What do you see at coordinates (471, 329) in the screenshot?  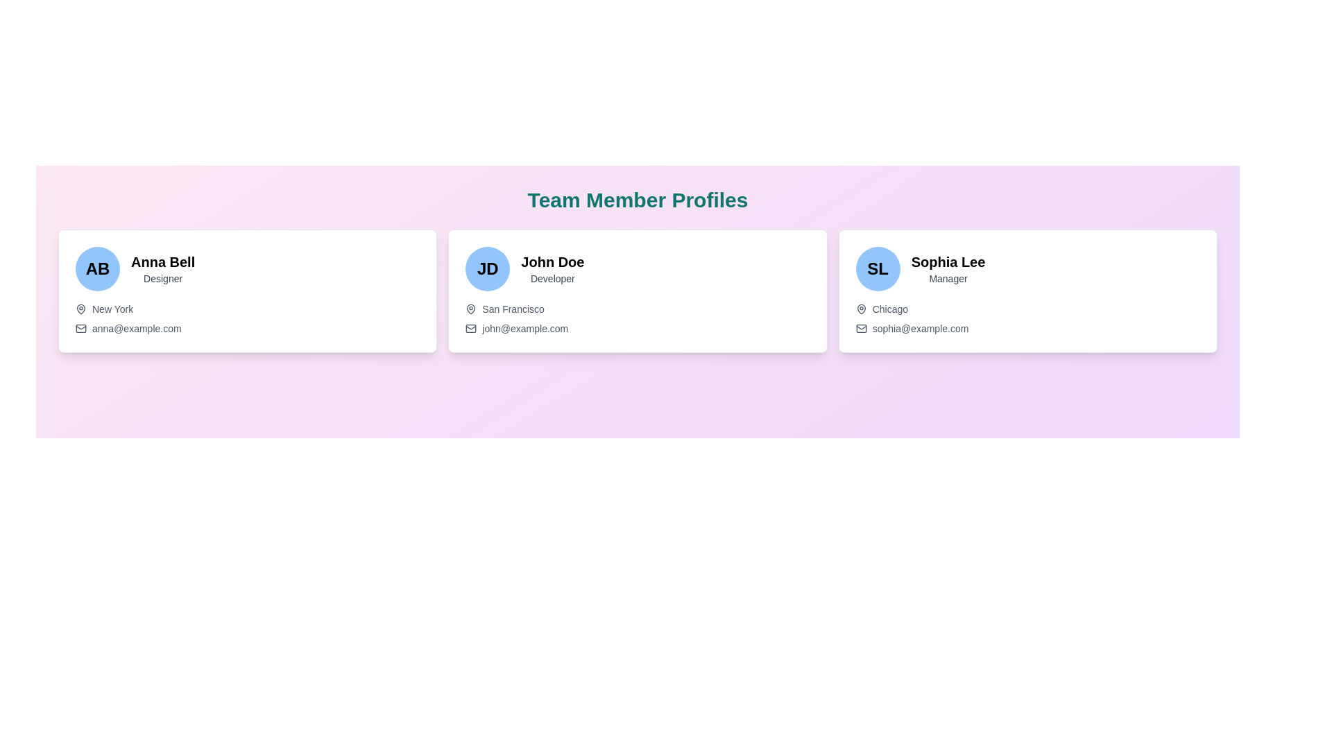 I see `the rectangular body of the envelope icon within the second profile card titled 'John Doe - Developer', which is located below the email text 'john@example.com'` at bounding box center [471, 329].